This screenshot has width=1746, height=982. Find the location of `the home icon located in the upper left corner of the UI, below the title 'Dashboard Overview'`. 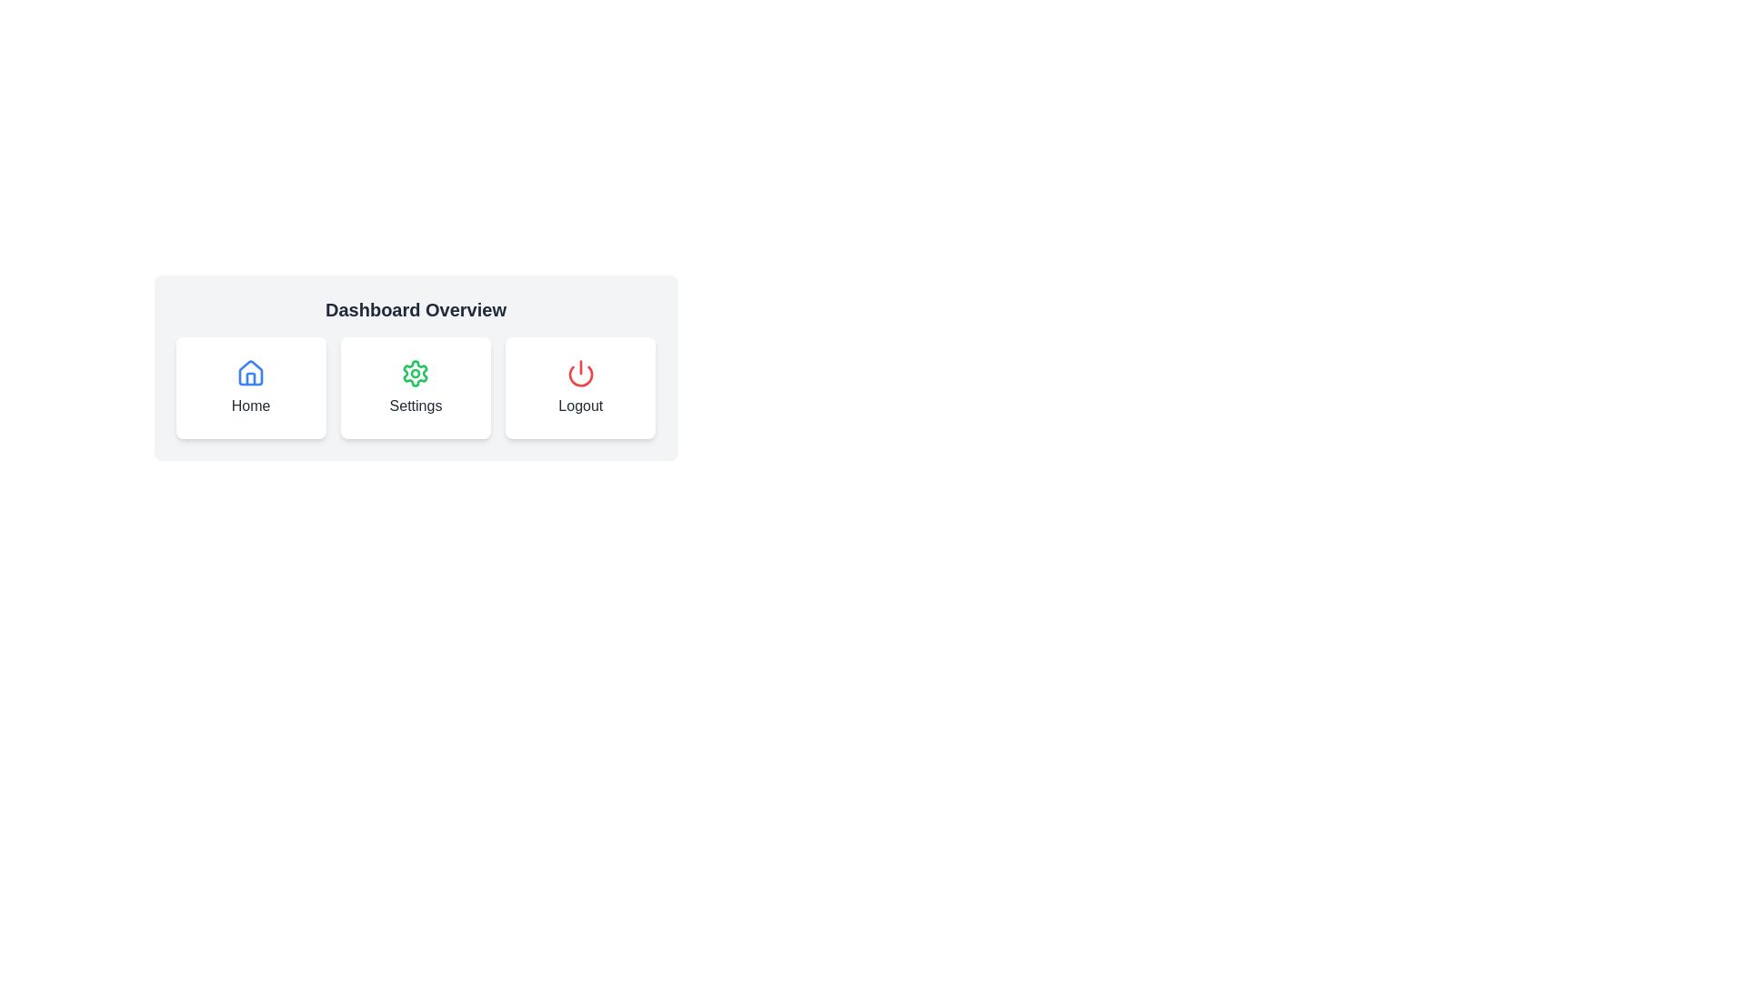

the home icon located in the upper left corner of the UI, below the title 'Dashboard Overview' is located at coordinates (250, 372).